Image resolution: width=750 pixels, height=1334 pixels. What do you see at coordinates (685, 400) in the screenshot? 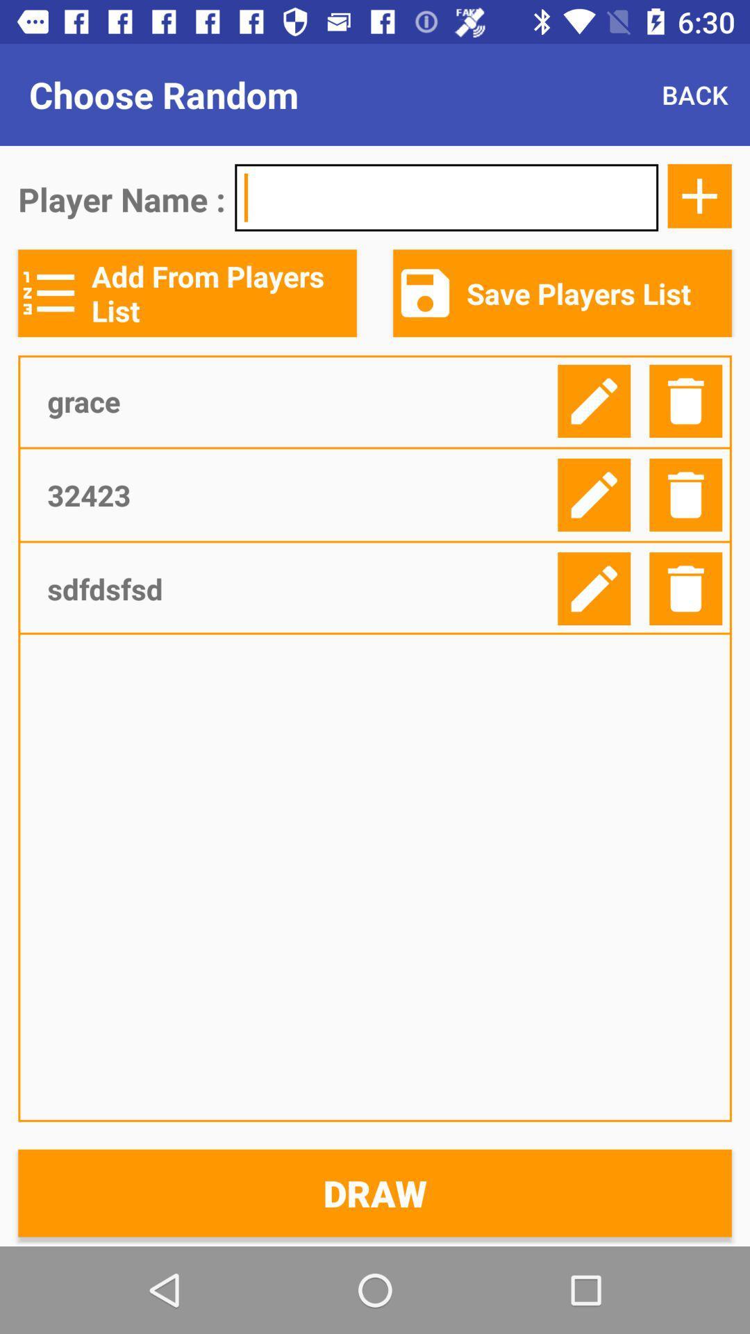
I see `delete grace button` at bounding box center [685, 400].